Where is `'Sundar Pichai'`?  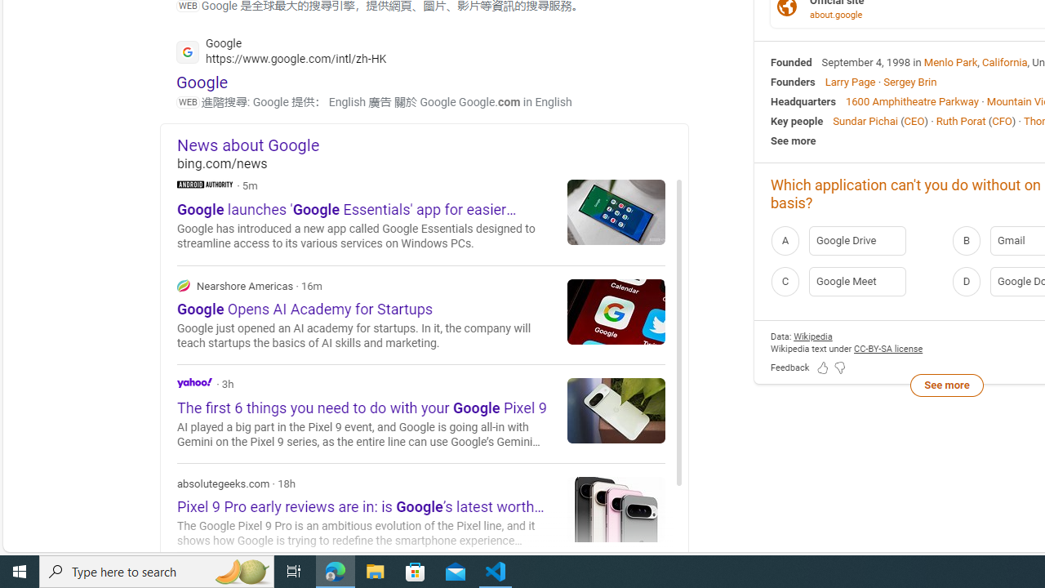 'Sundar Pichai' is located at coordinates (864, 119).